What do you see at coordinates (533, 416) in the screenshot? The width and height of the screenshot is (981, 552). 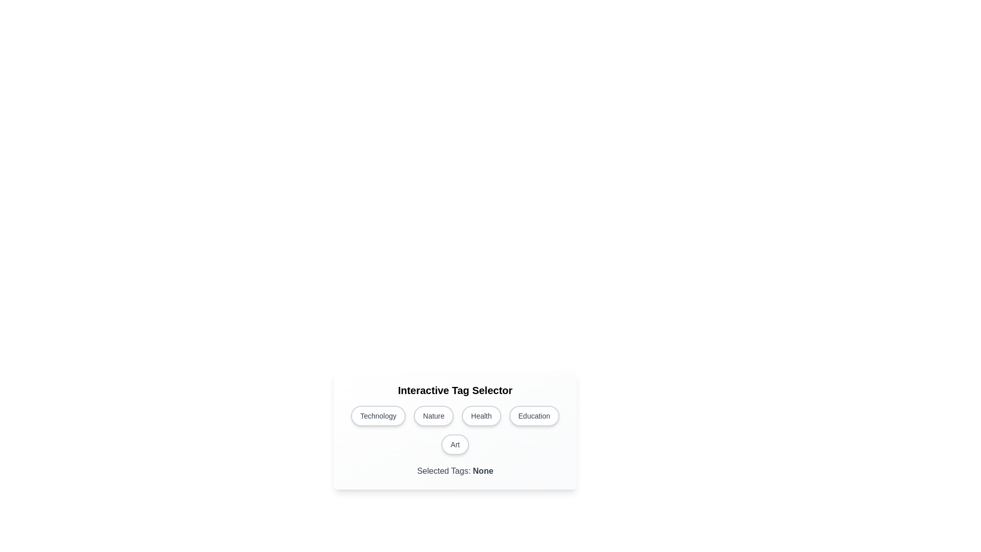 I see `the Education tag to select or deselect it` at bounding box center [533, 416].